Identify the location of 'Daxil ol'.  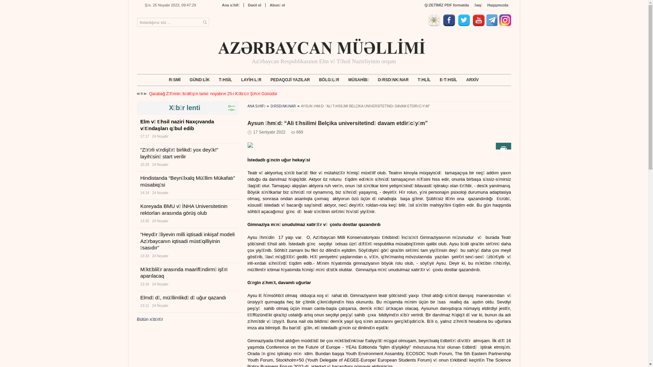
(254, 5).